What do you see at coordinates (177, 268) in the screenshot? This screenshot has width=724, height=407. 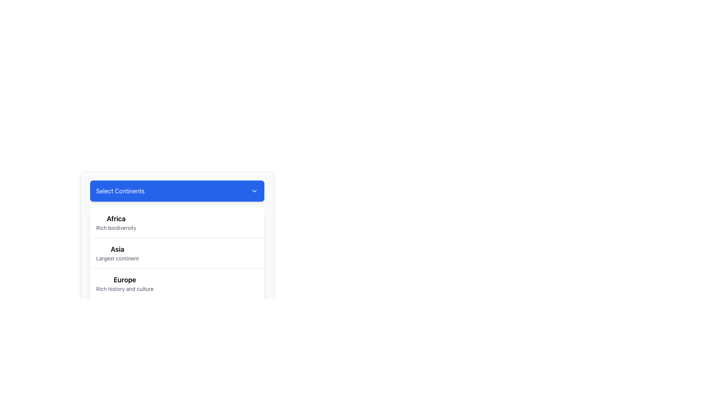 I see `the list item labeled 'Asia' in the dropdown menu` at bounding box center [177, 268].